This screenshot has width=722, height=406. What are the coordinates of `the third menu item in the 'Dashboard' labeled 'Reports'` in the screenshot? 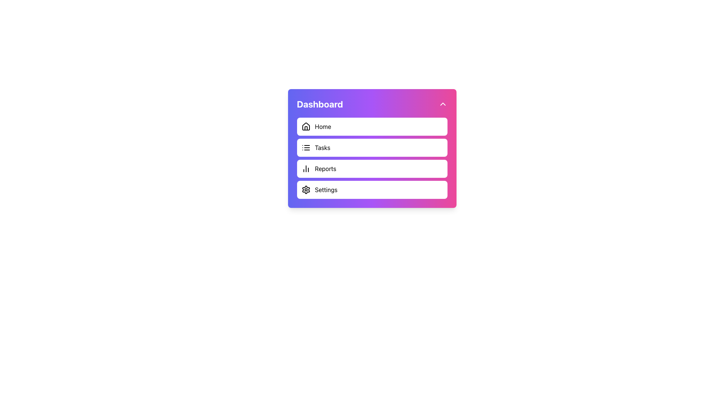 It's located at (372, 168).